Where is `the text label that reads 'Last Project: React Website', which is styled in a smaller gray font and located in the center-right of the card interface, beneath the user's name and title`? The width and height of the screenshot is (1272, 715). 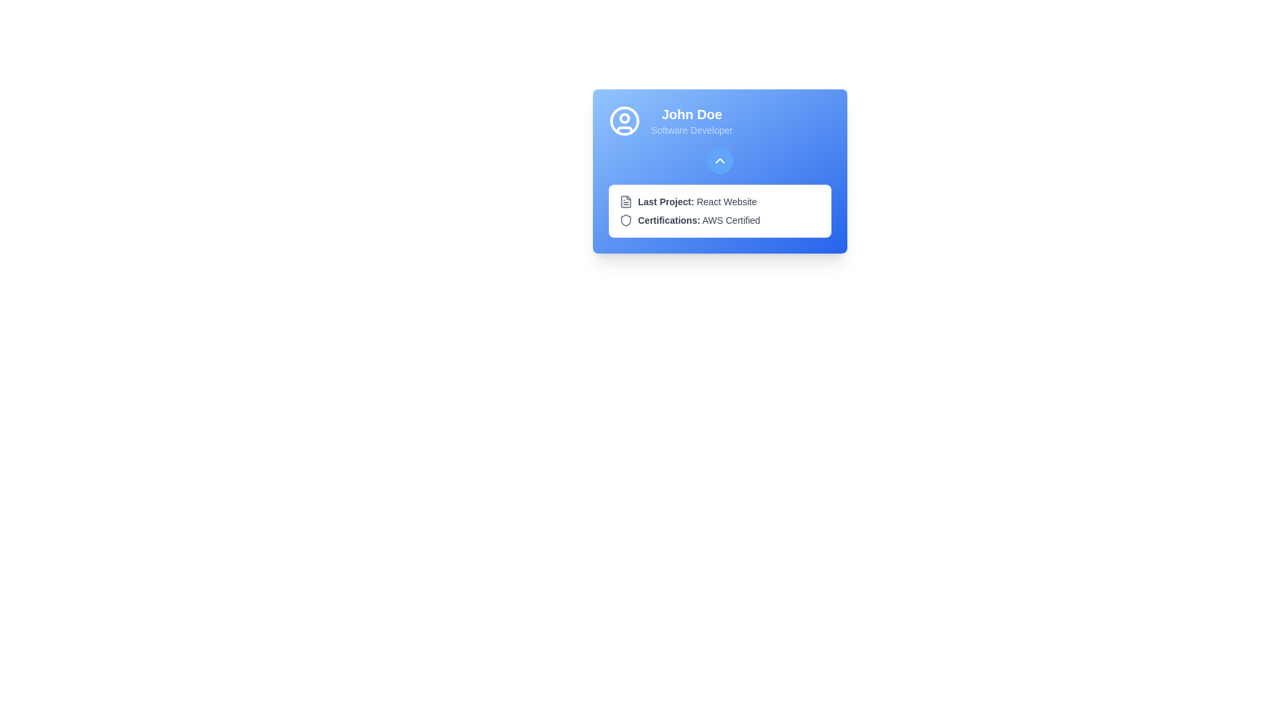 the text label that reads 'Last Project: React Website', which is styled in a smaller gray font and located in the center-right of the card interface, beneath the user's name and title is located at coordinates (696, 201).